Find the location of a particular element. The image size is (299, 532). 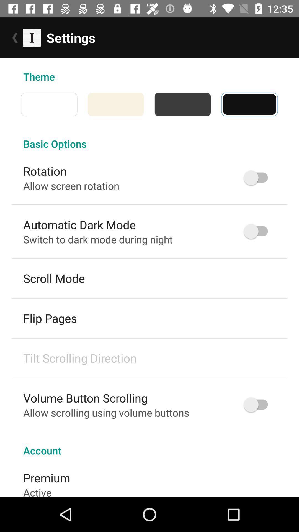

the scroll mode icon is located at coordinates (54, 278).